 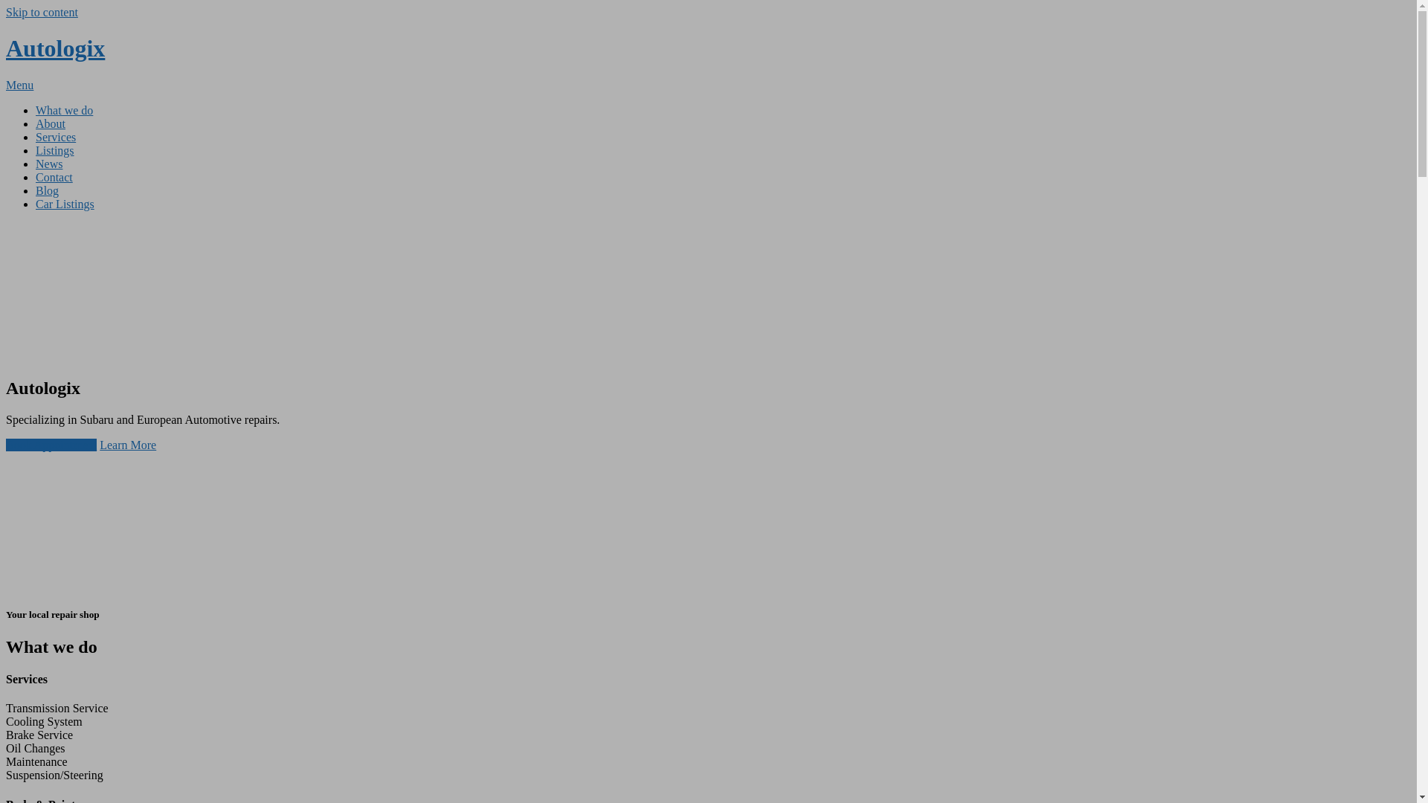 What do you see at coordinates (63, 109) in the screenshot?
I see `'What we do'` at bounding box center [63, 109].